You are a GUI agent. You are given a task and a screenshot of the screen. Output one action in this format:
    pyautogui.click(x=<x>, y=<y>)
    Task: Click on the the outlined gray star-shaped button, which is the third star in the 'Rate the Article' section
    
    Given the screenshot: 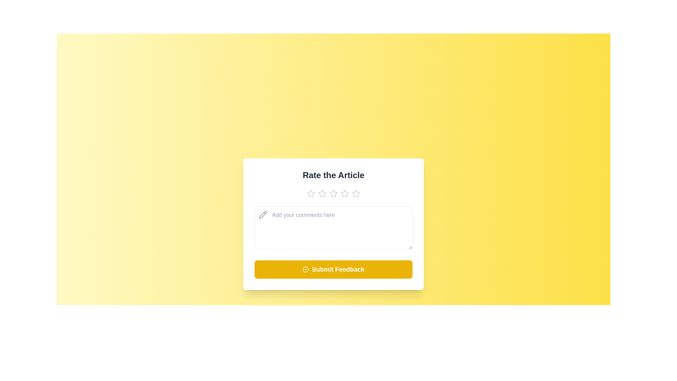 What is the action you would take?
    pyautogui.click(x=333, y=193)
    